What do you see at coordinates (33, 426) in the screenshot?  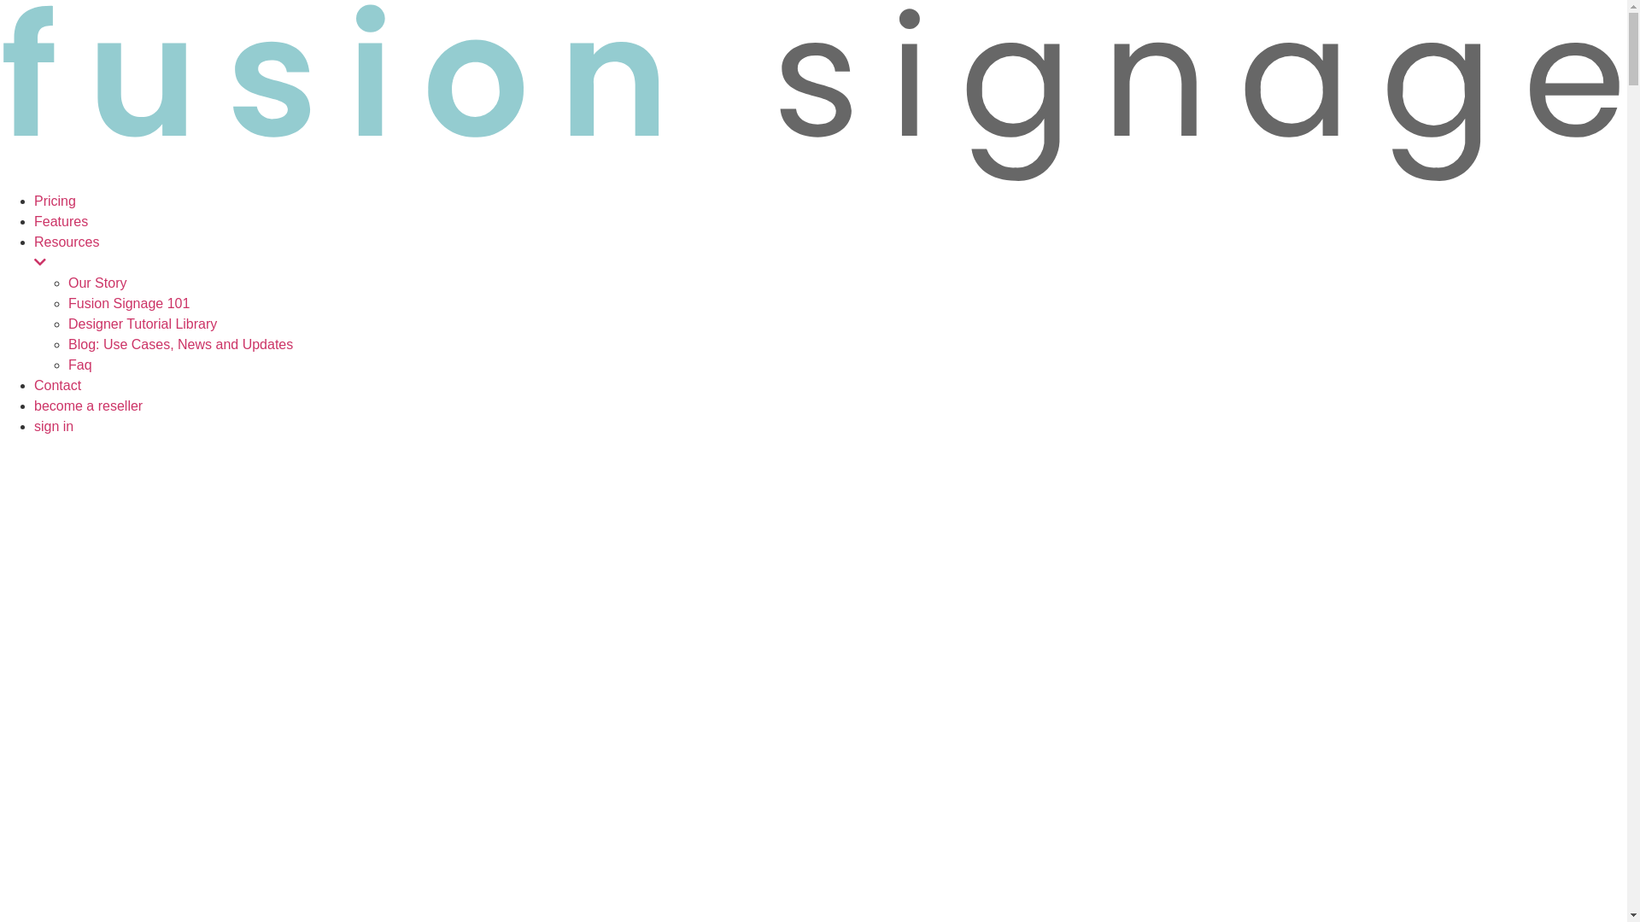 I see `'sign in'` at bounding box center [33, 426].